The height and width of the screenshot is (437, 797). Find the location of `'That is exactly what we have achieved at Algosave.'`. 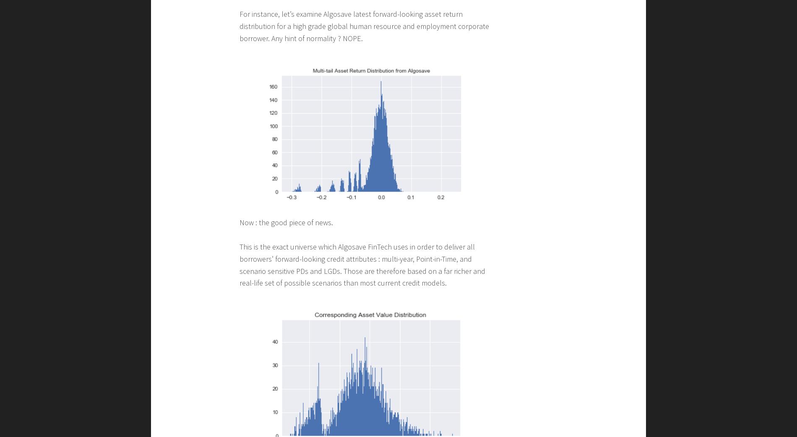

'That is exactly what we have achieved at Algosave.' is located at coordinates (318, 341).